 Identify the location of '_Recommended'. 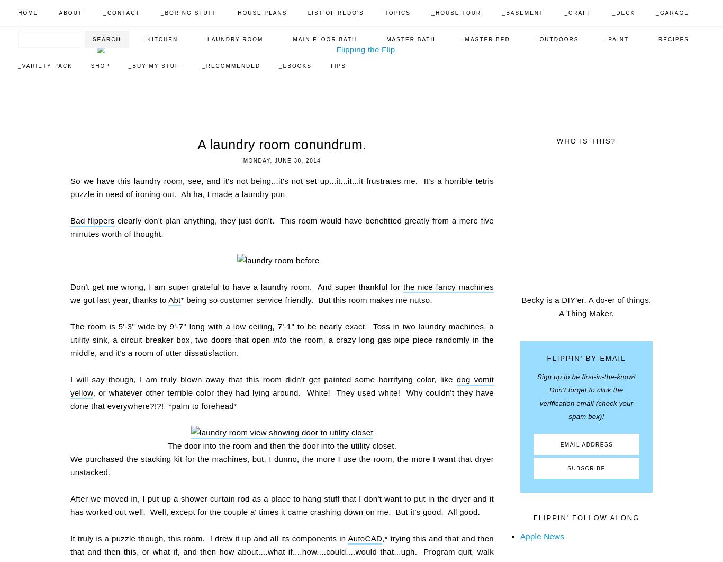
(201, 66).